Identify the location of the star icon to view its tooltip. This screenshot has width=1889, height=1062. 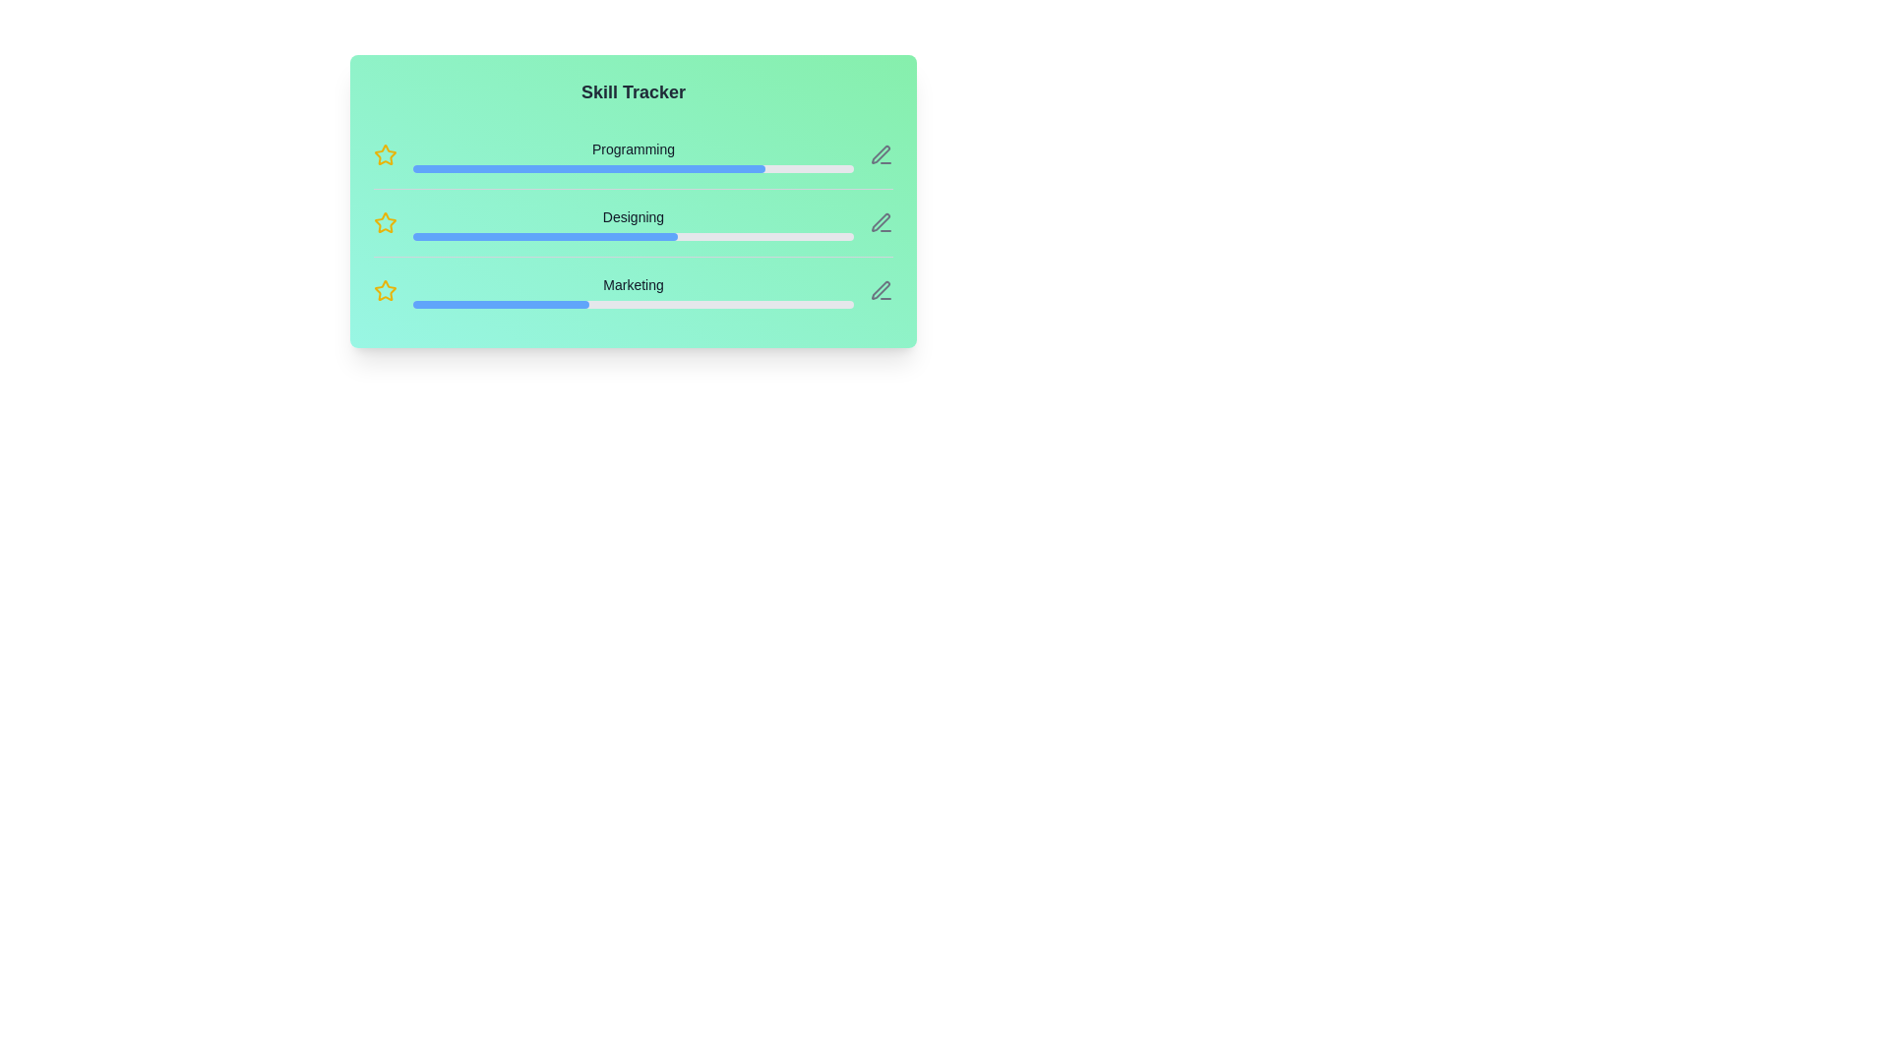
(386, 154).